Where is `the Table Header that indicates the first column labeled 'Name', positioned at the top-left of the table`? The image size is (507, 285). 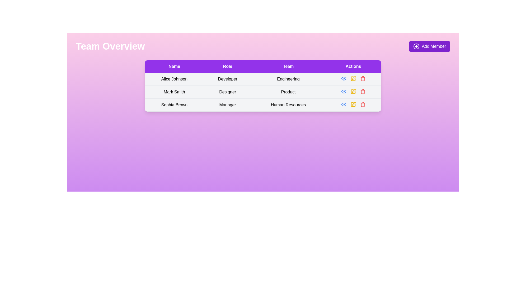 the Table Header that indicates the first column labeled 'Name', positioned at the top-left of the table is located at coordinates (174, 66).